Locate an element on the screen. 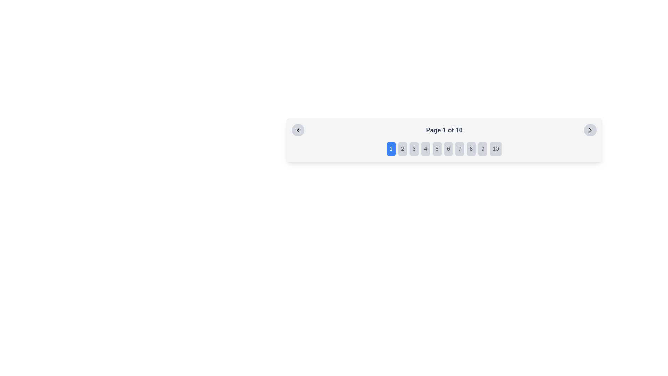 This screenshot has height=376, width=668. the circular button containing the SVG icon for navigating to the next page in the pagination control bar to trigger hover effects is located at coordinates (590, 130).